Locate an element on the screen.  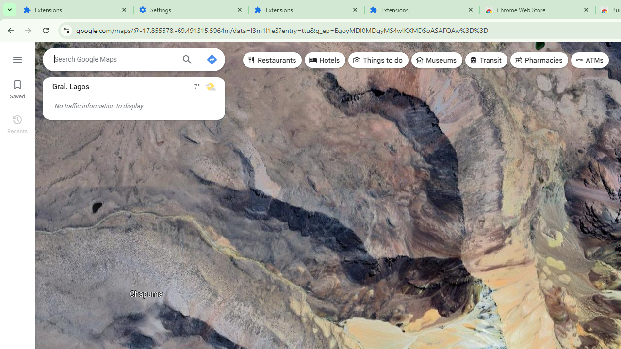
'Museums' is located at coordinates (436, 60).